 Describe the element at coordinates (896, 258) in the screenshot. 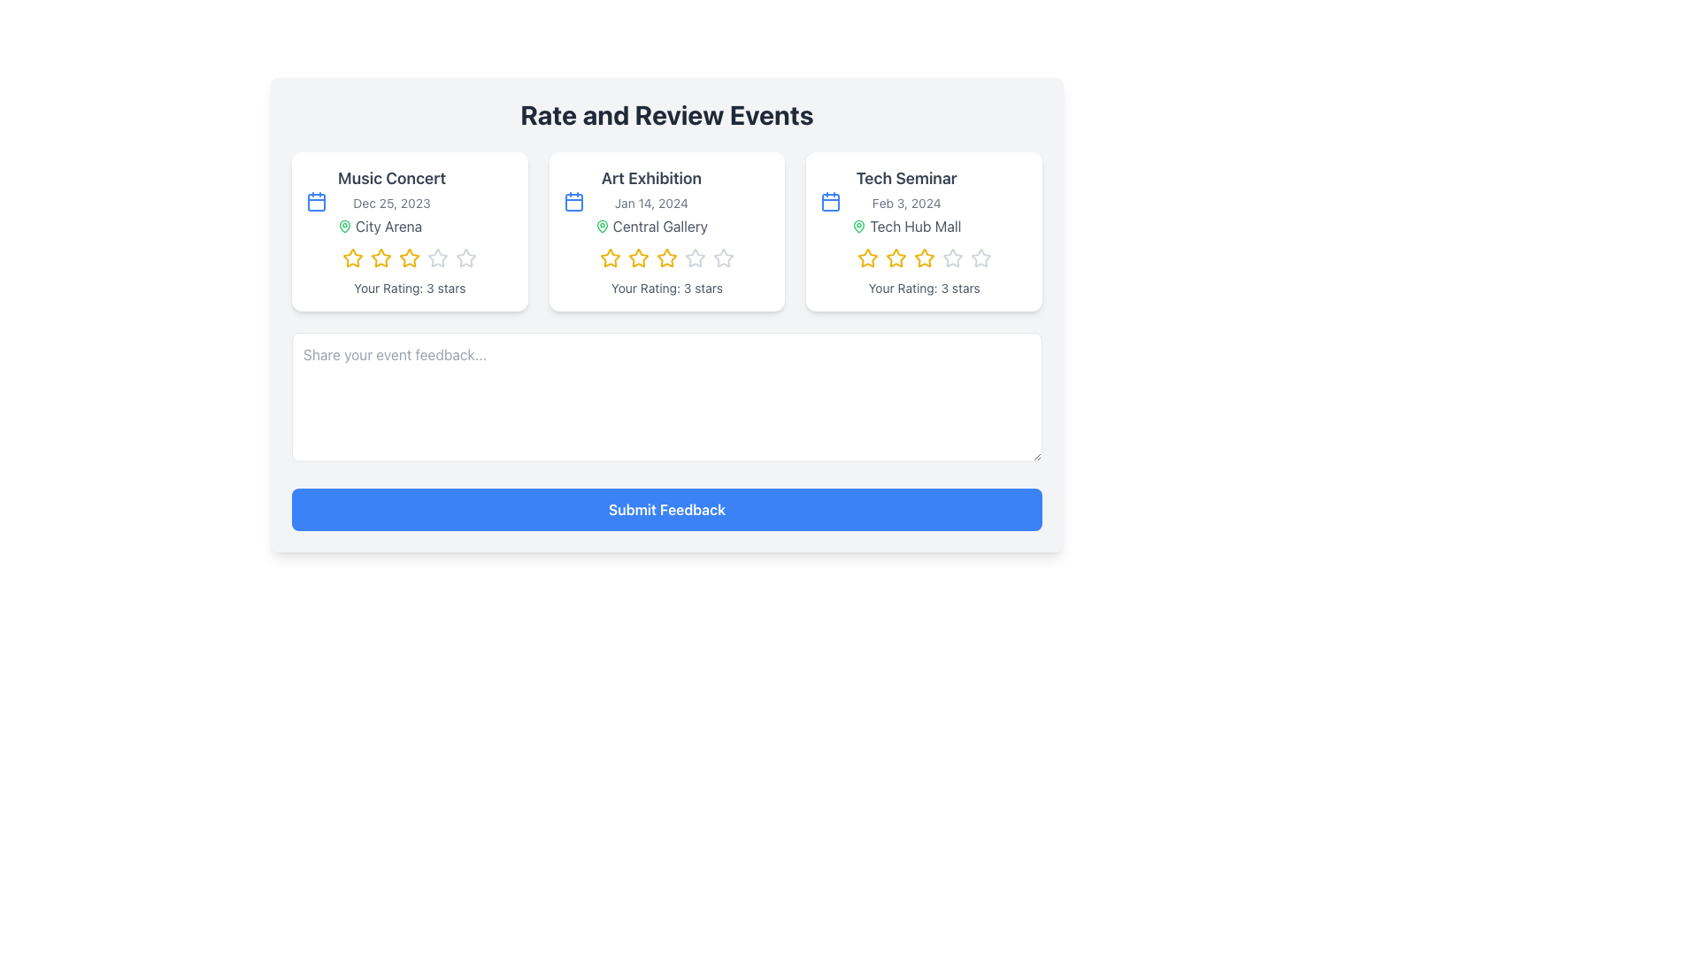

I see `the second star in the rating system for the 'Tech Seminar' event` at that location.